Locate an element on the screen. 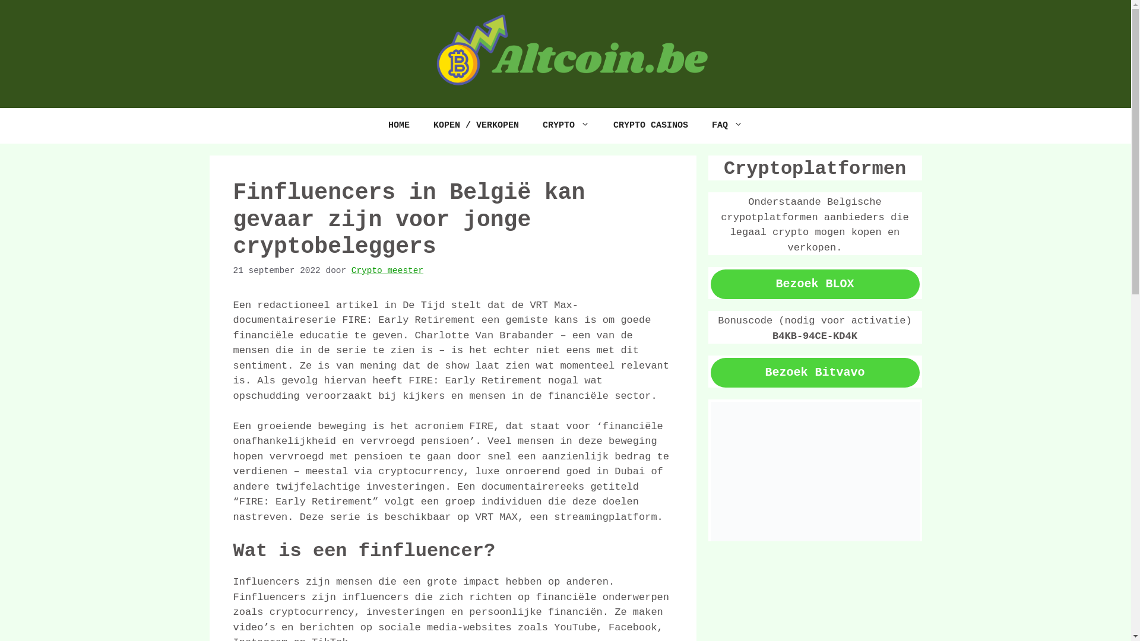 Image resolution: width=1140 pixels, height=641 pixels. 'FAQ' is located at coordinates (726, 126).